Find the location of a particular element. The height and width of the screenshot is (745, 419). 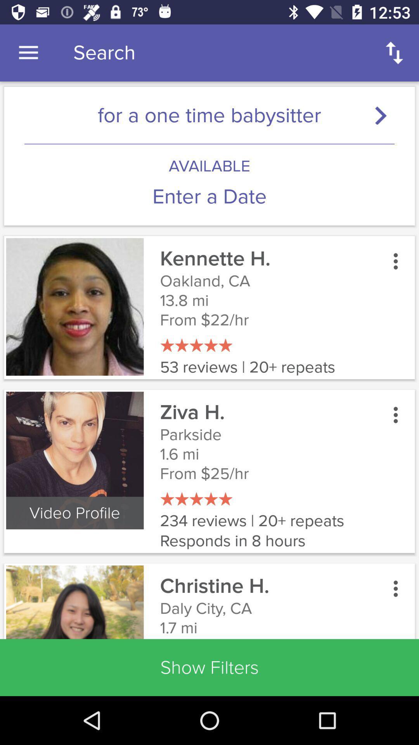

the item above for a one item is located at coordinates (28, 52).